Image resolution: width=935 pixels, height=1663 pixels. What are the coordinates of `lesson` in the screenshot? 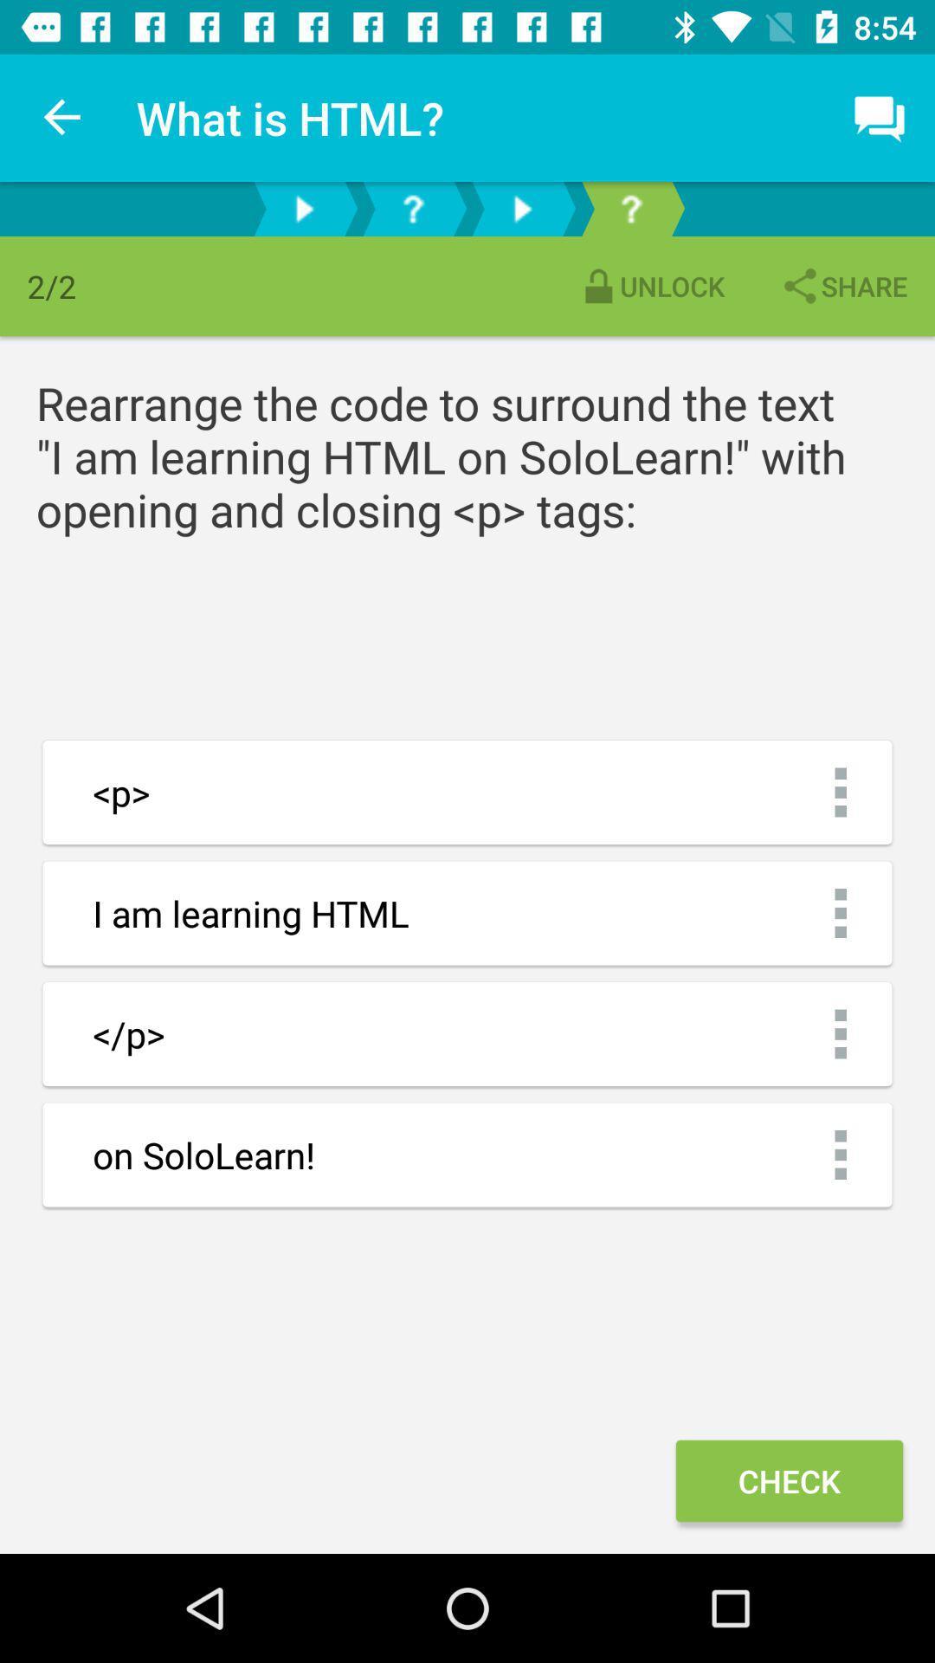 It's located at (303, 208).